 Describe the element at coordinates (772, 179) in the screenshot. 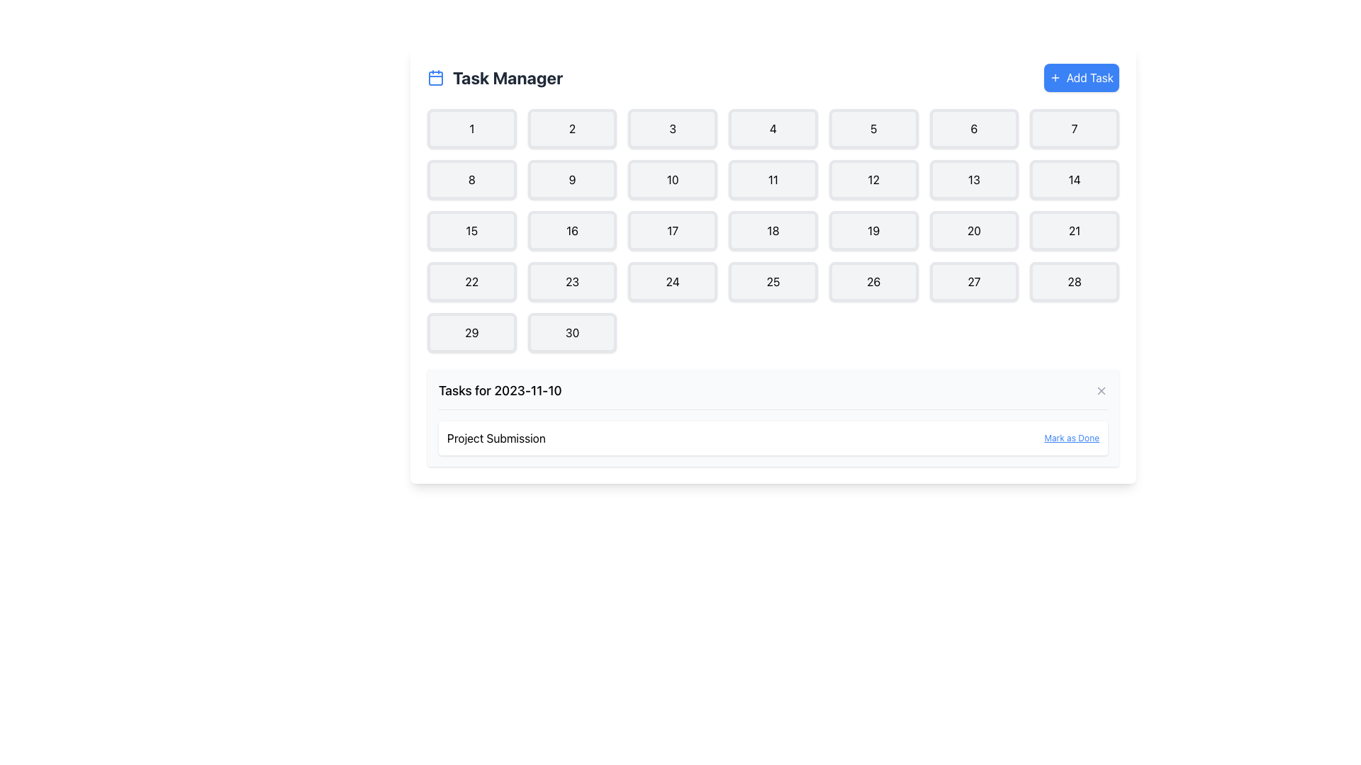

I see `the rectangular button with a light-gray background and the number '11' in bold black font` at that location.